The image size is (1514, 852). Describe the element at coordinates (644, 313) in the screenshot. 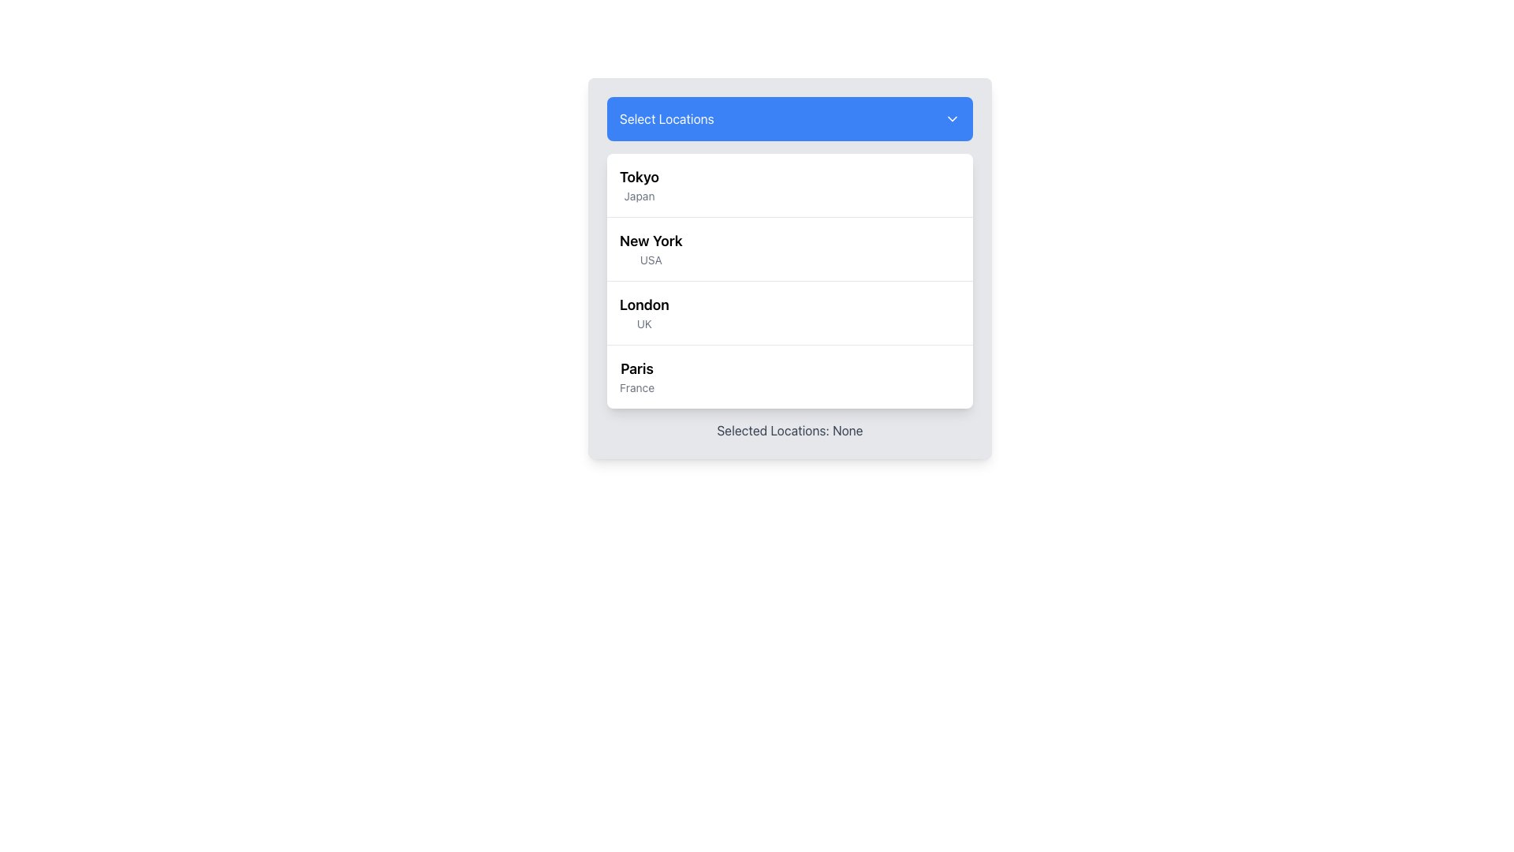

I see `the 'London - UK' text element, which is the third entry in a vertical dropdown list` at that location.